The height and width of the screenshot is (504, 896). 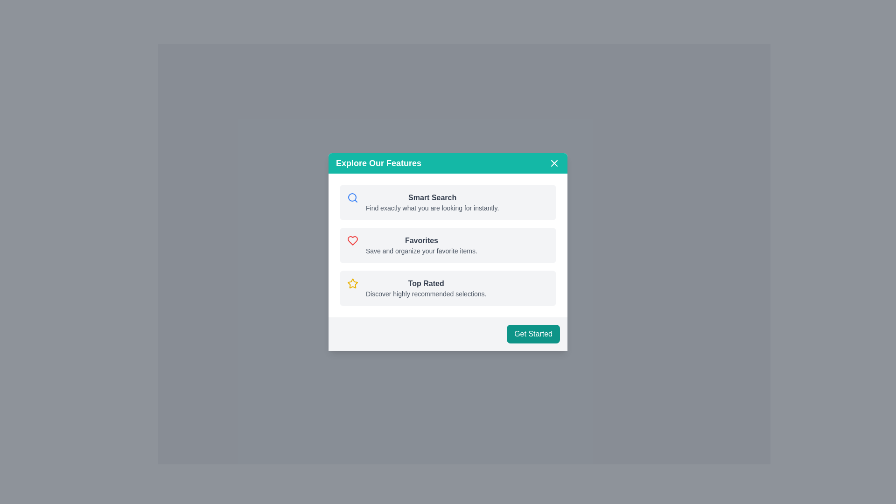 I want to click on the static text label that provides context for the 'Top Rated' feature, located beneath the 'Top Rated' title in the third section from the top, so click(x=426, y=293).